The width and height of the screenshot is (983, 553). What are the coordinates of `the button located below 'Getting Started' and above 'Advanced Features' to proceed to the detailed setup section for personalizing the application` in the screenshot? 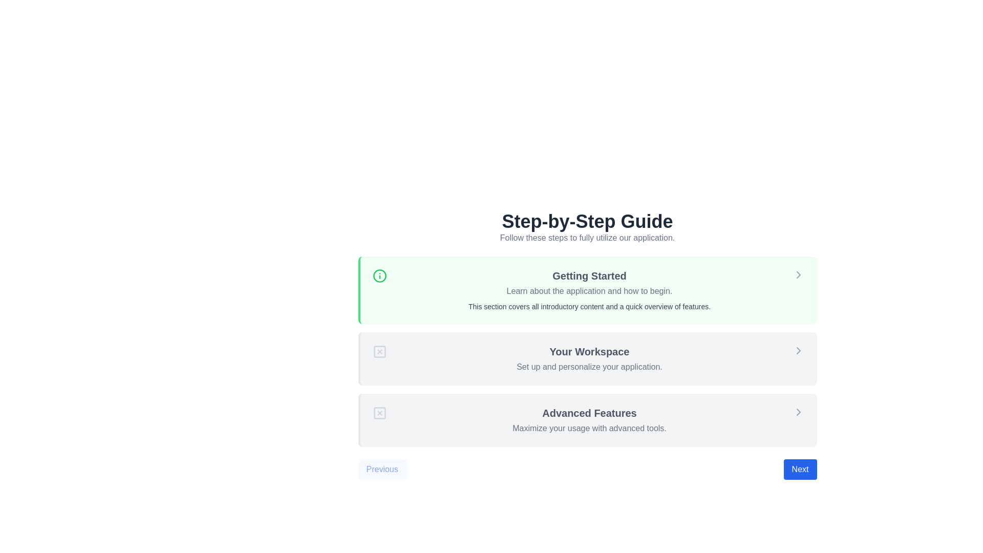 It's located at (587, 358).